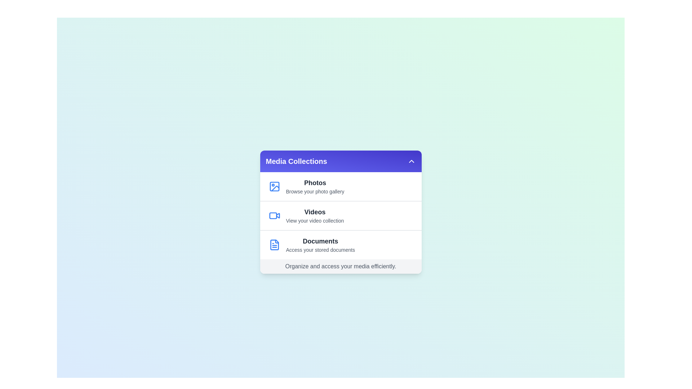 The height and width of the screenshot is (389, 692). What do you see at coordinates (340, 186) in the screenshot?
I see `the menu item Photos to view its associated media collection` at bounding box center [340, 186].